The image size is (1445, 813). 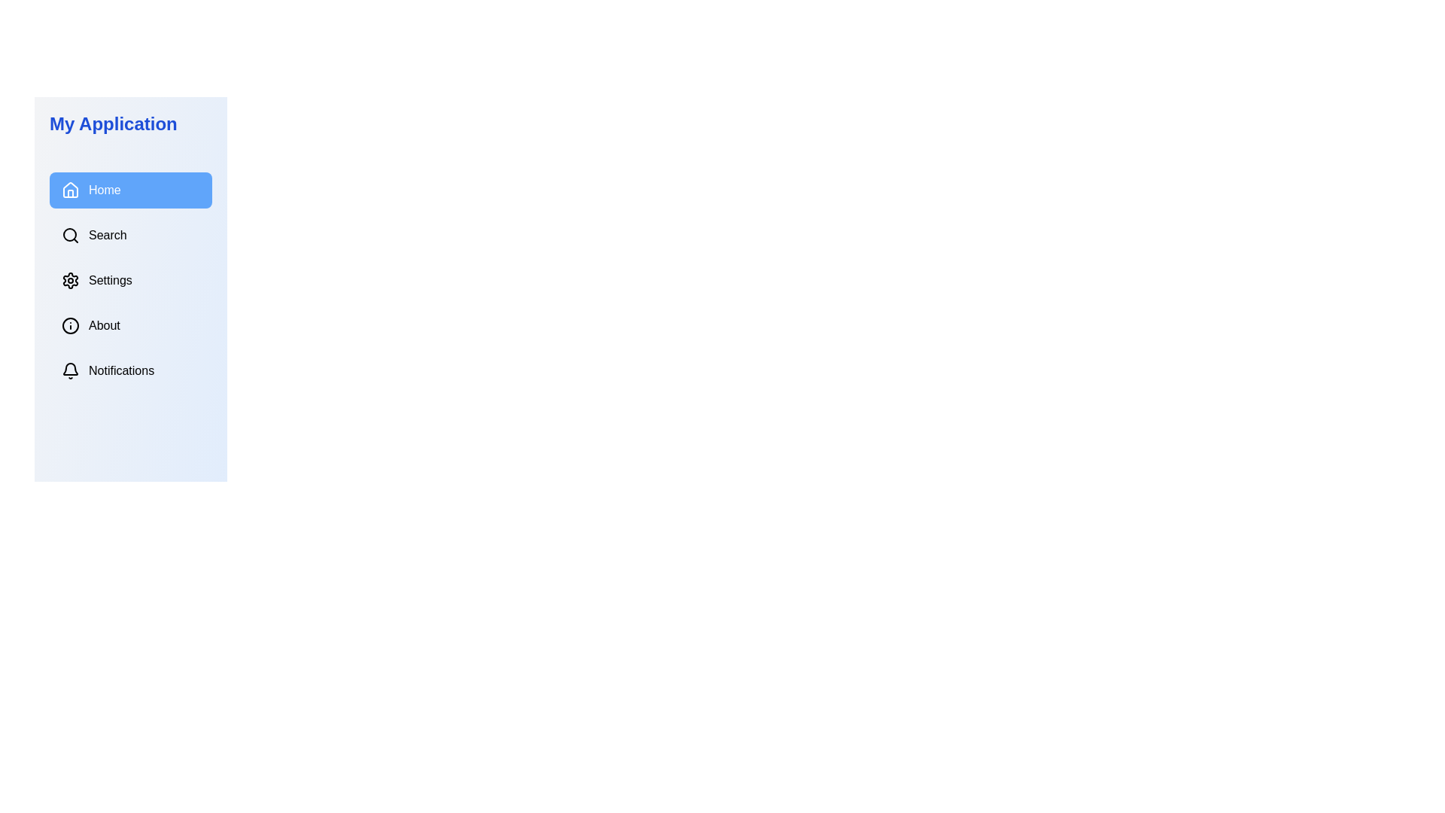 What do you see at coordinates (70, 188) in the screenshot?
I see `the house icon located in the top left of the side navigation menu, which is styled as a vector graphic with a stroke outline and is aligned with the 'Home' label` at bounding box center [70, 188].